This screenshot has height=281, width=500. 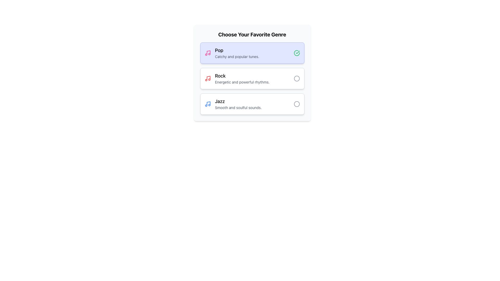 What do you see at coordinates (252, 78) in the screenshot?
I see `the second selectable list item labeled 'Rock' that features a musical note icon and a subtitle describing it as 'Energetic and powerful rhythms.'` at bounding box center [252, 78].